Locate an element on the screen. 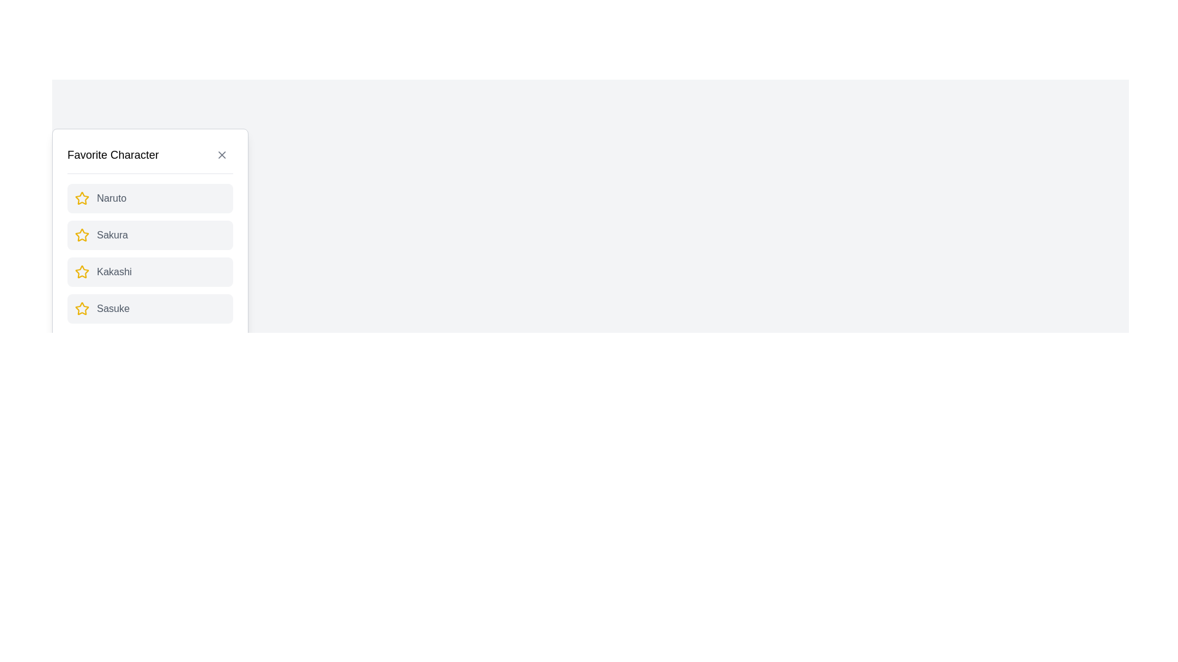 This screenshot has width=1178, height=662. the 'Sasuke' button, which is the last item in a vertically stacked list of buttons is located at coordinates (149, 308).